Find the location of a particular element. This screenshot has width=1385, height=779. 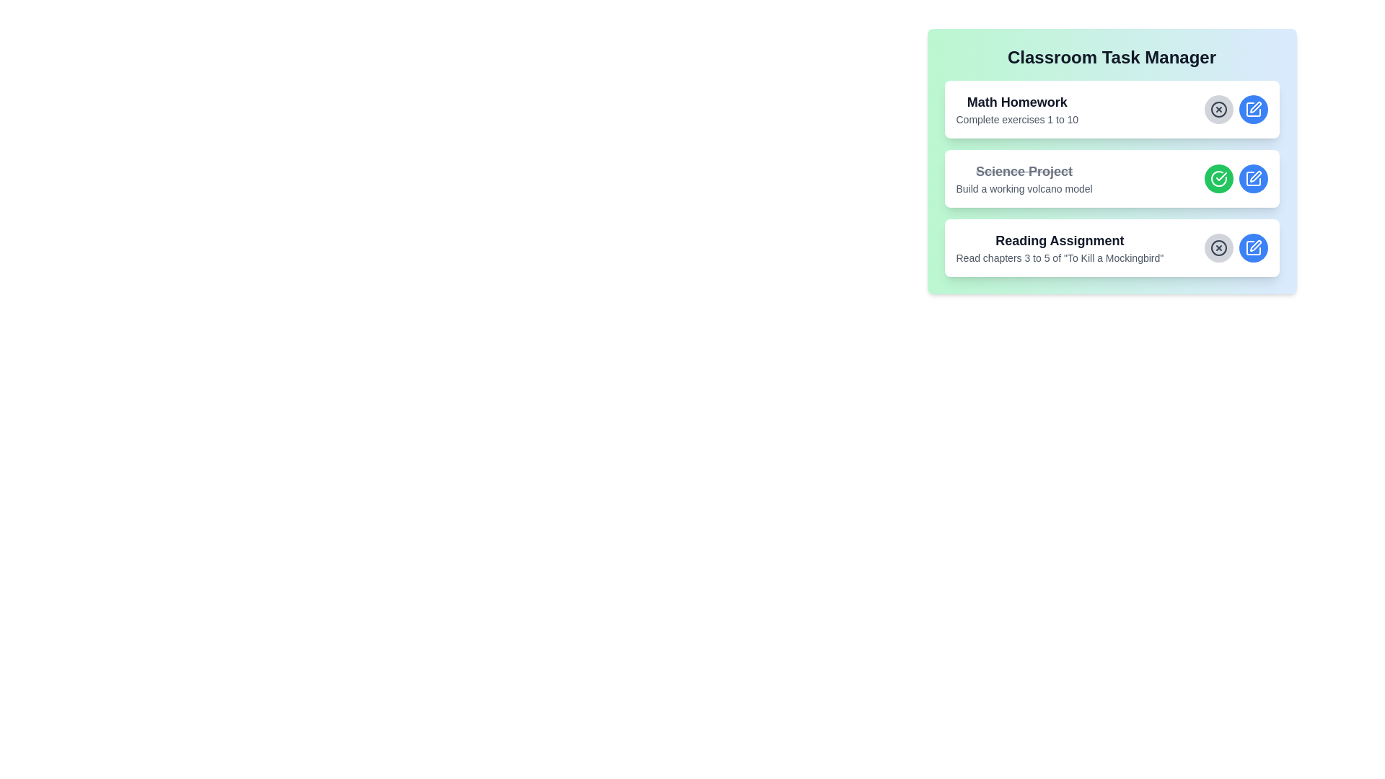

edit button for the task with the title Science Project is located at coordinates (1252, 177).